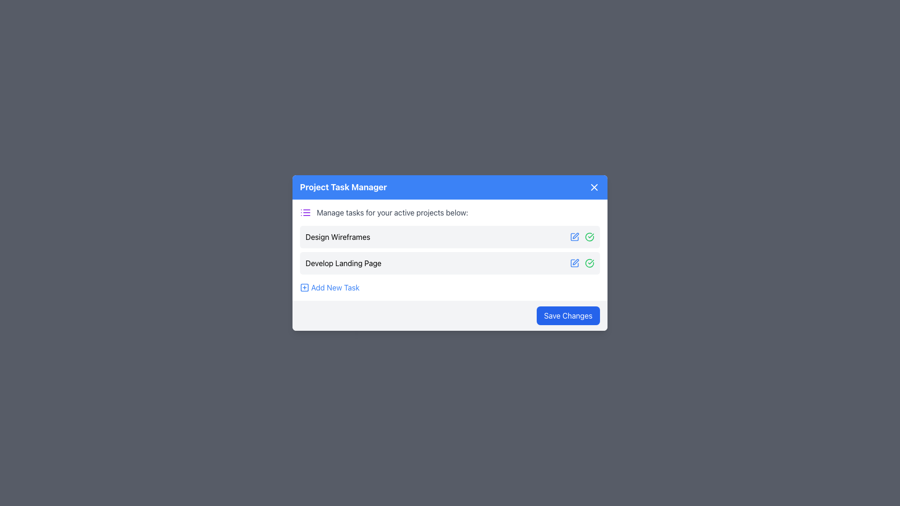 The width and height of the screenshot is (900, 506). I want to click on the 'Add New Task' button located at the bottom-left corner of the task listing area in the 'Project Task Manager' modal, so click(335, 287).